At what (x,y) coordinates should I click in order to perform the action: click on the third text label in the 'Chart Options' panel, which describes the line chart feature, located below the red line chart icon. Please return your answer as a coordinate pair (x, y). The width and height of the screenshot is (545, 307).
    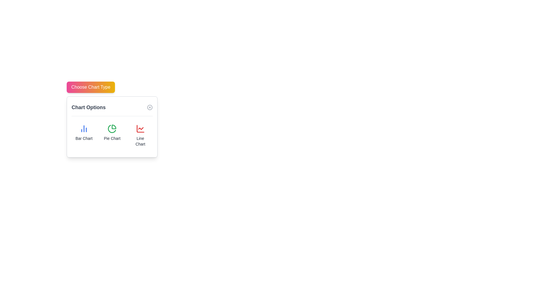
    Looking at the image, I should click on (140, 141).